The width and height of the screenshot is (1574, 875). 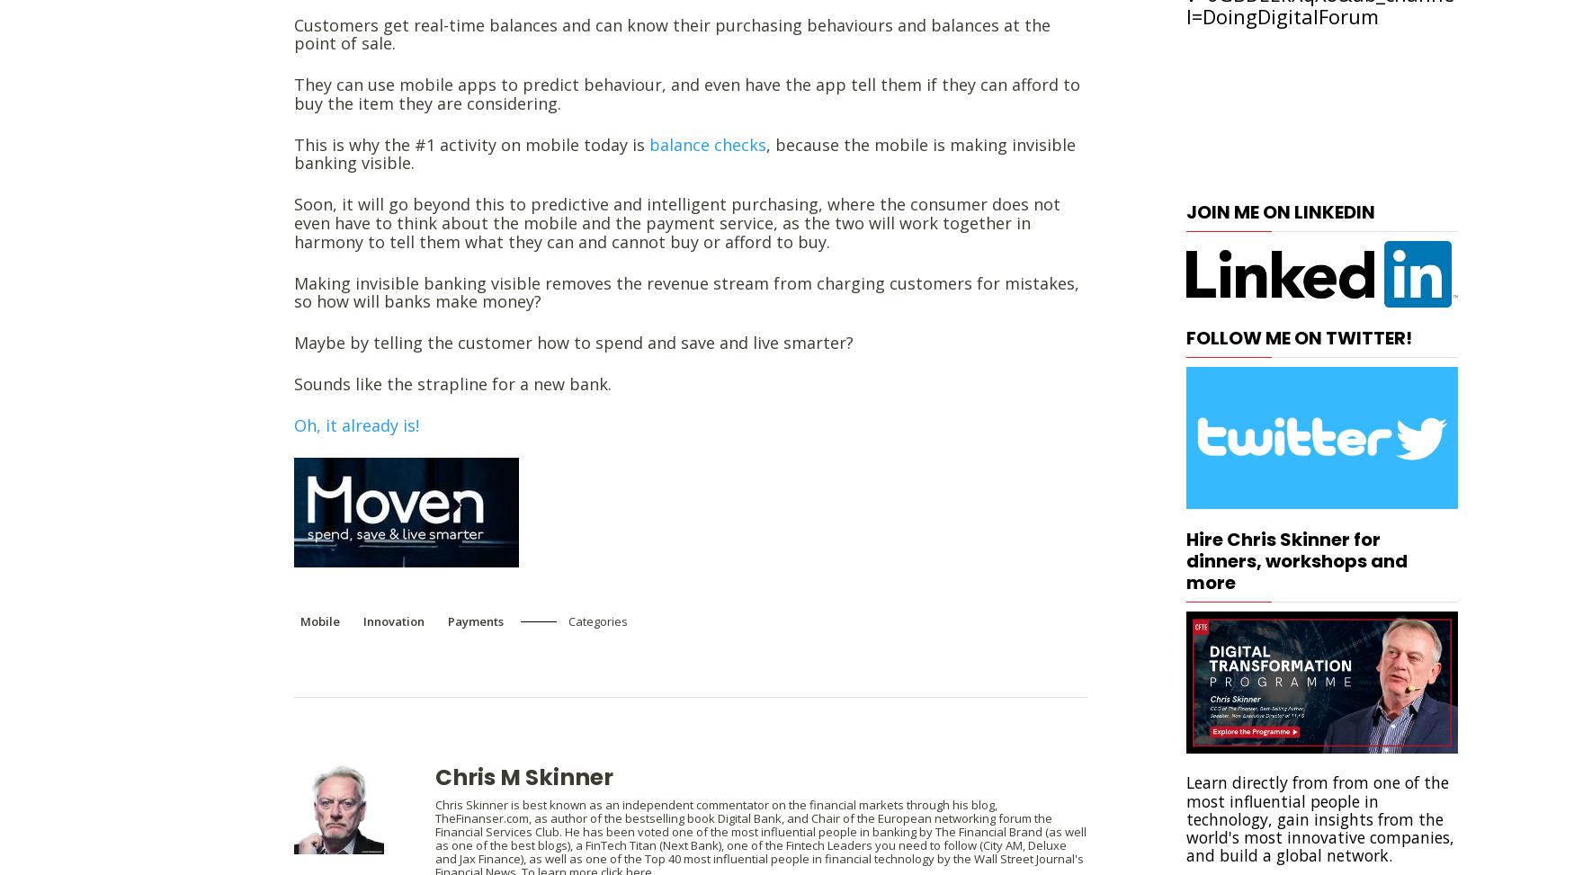 What do you see at coordinates (649, 143) in the screenshot?
I see `'balance checks'` at bounding box center [649, 143].